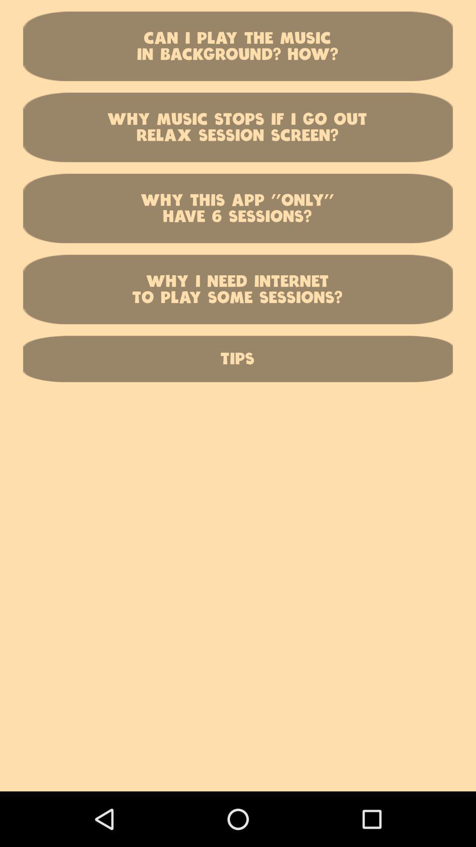 The image size is (476, 847). I want to click on the why music stops, so click(238, 127).